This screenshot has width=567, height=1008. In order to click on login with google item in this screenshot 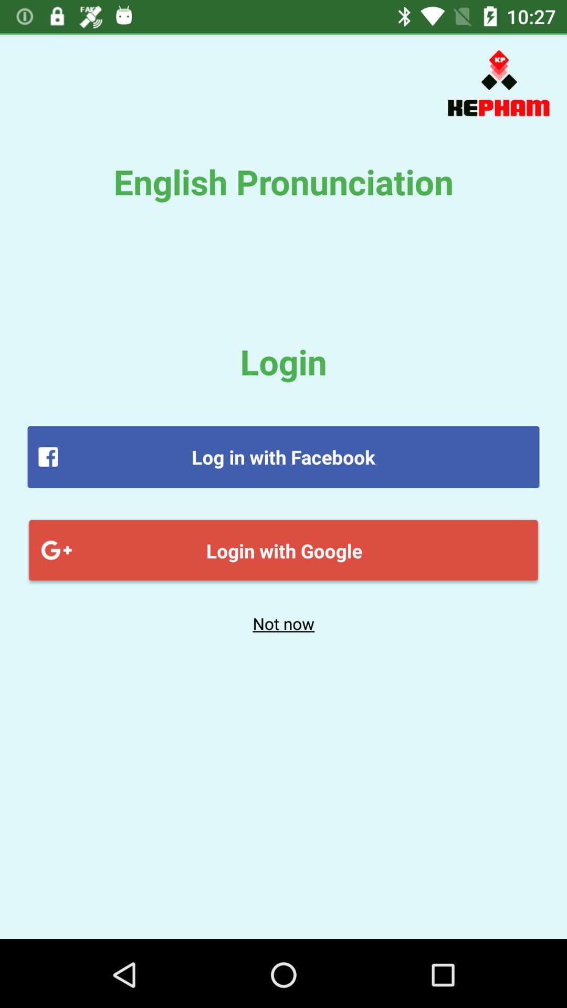, I will do `click(283, 550)`.